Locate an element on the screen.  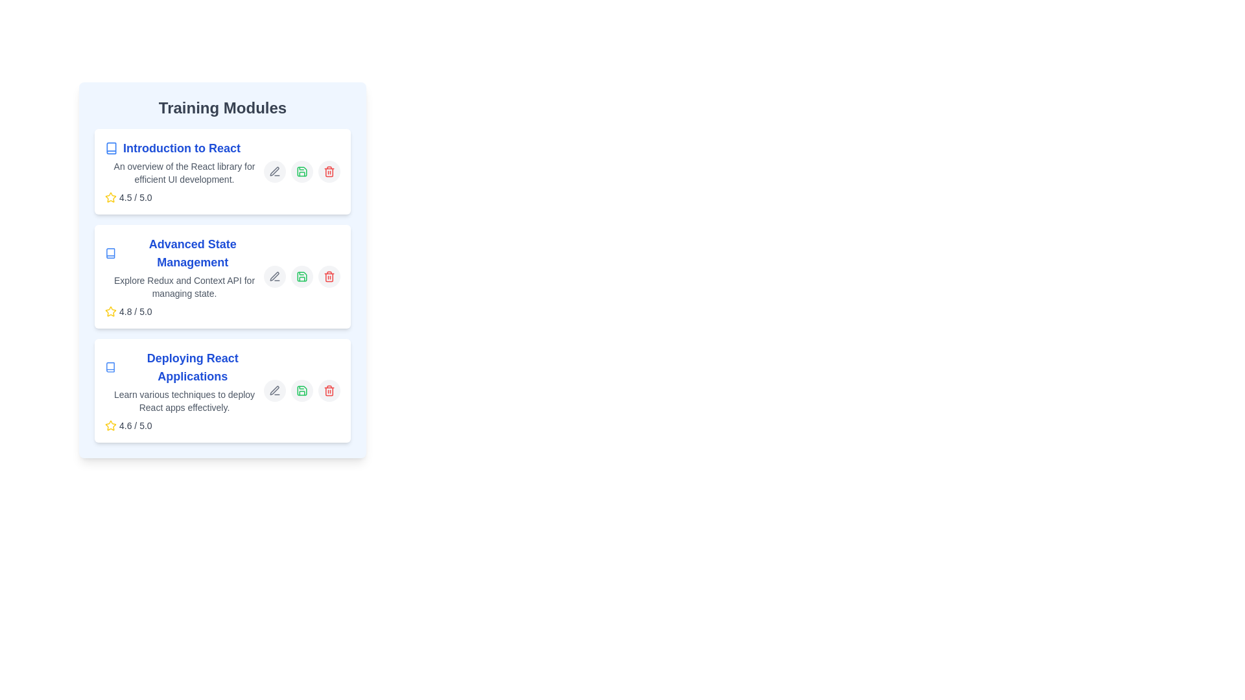
the delete button for the 'Introduction to React' module, which is the third circular icon in the sequence of icons aligned horizontally is located at coordinates (329, 171).